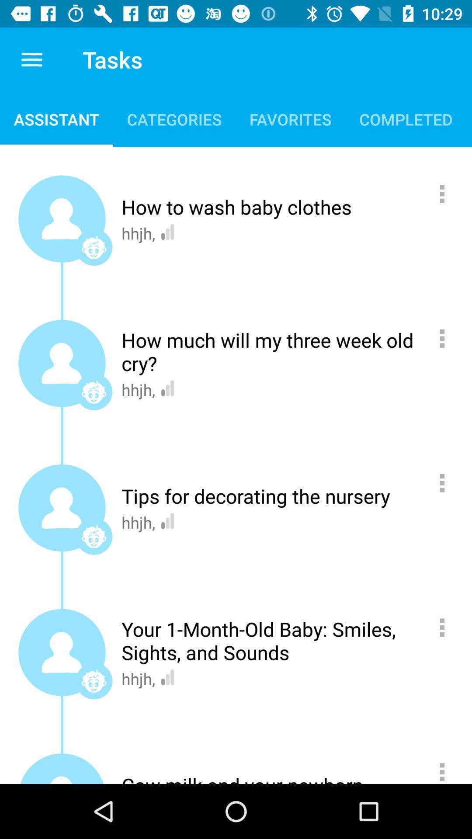 The height and width of the screenshot is (839, 472). What do you see at coordinates (447, 768) in the screenshot?
I see `open option menu` at bounding box center [447, 768].